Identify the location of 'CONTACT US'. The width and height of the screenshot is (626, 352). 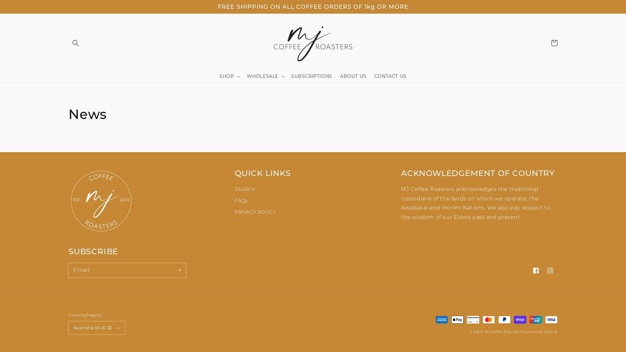
(390, 76).